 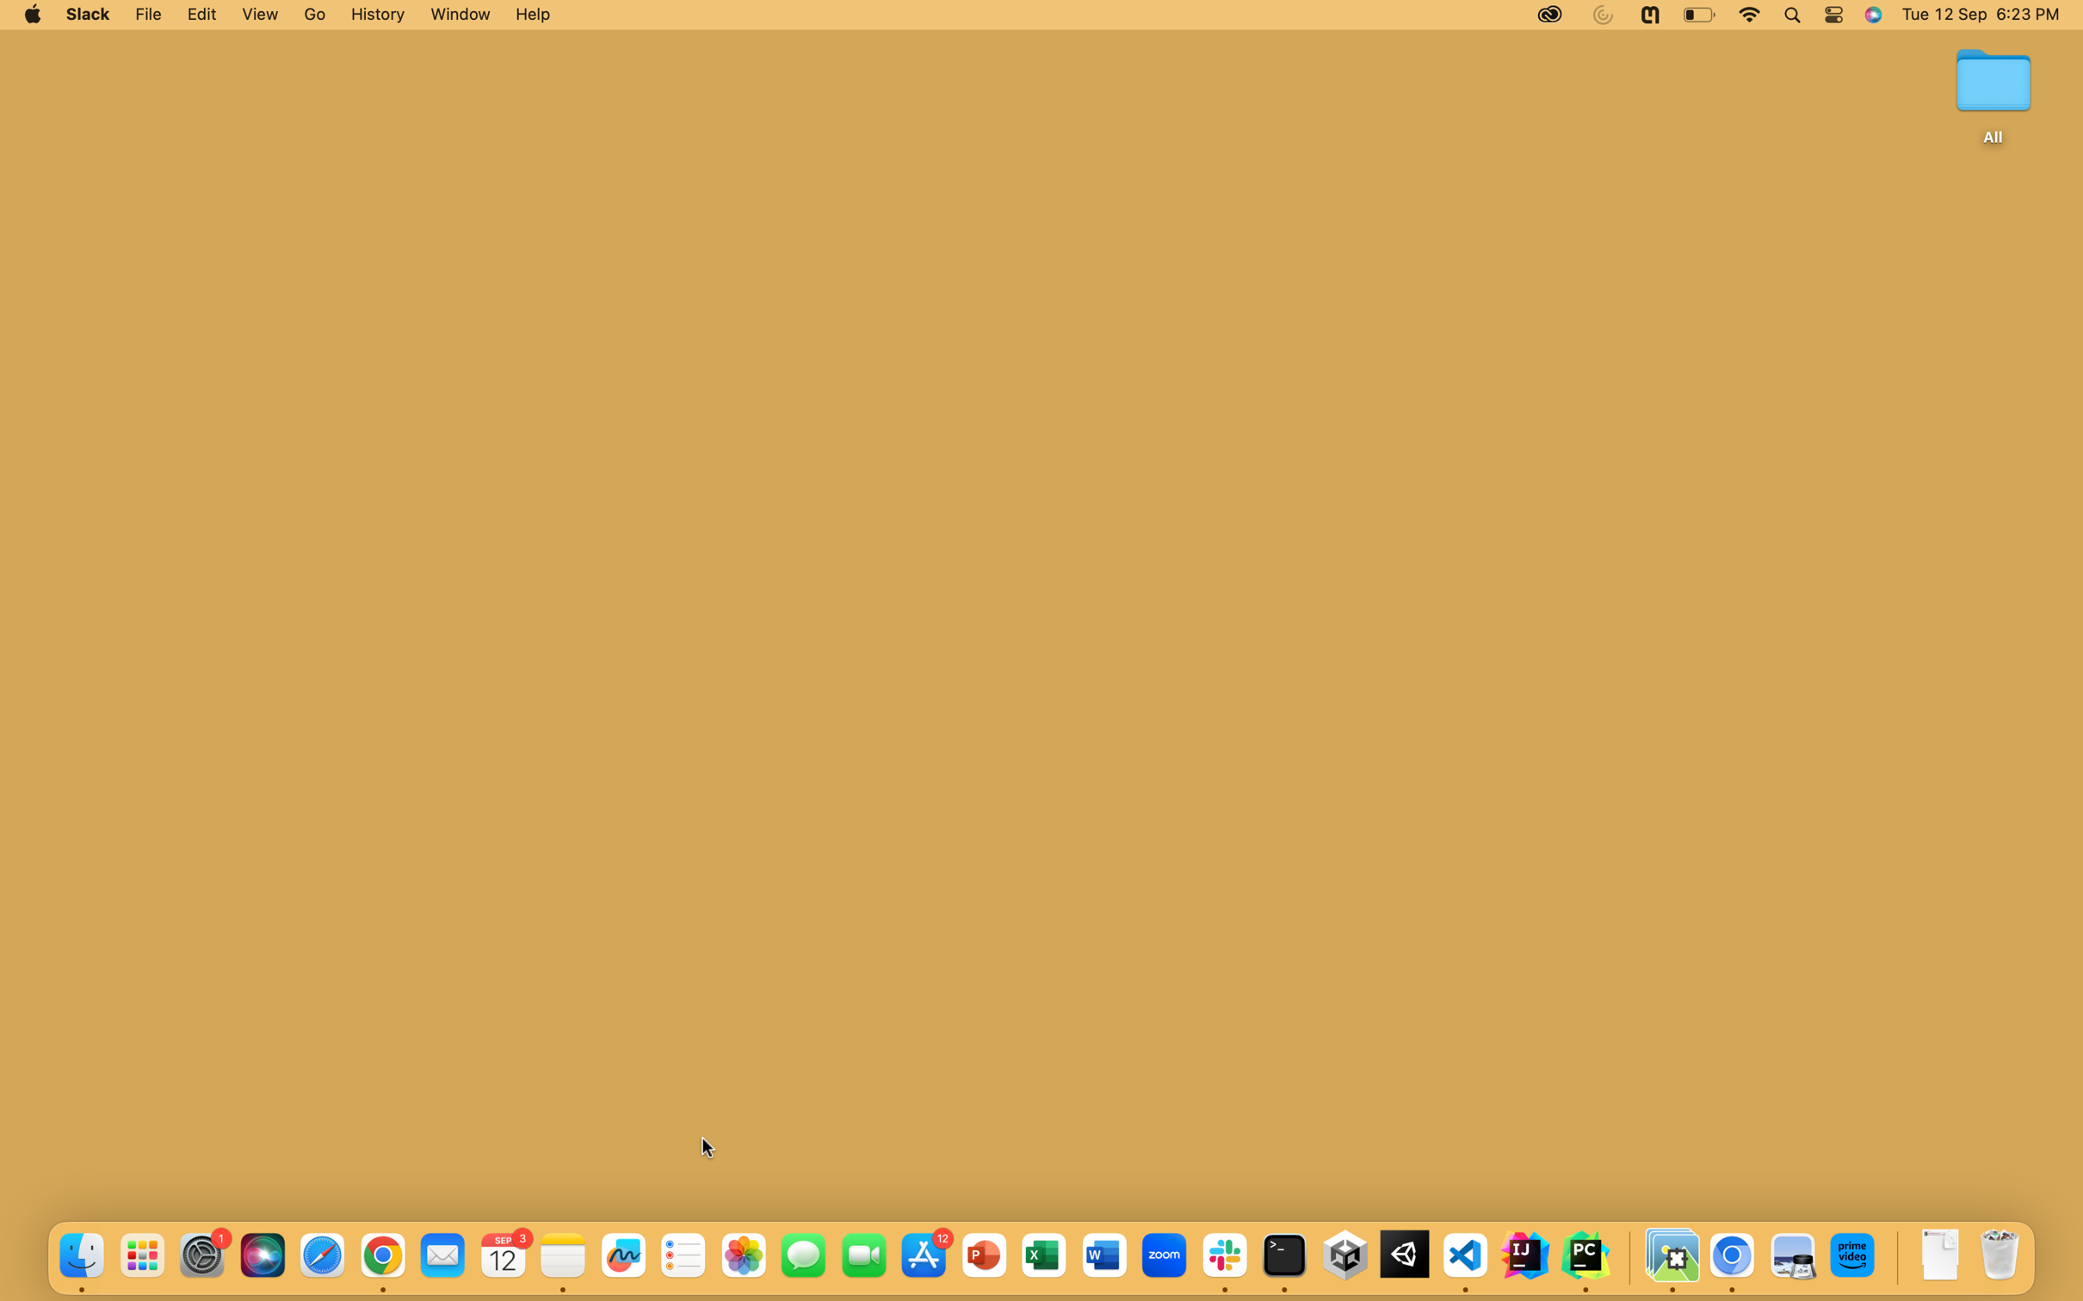 What do you see at coordinates (6702052, 209461) in the screenshot?
I see `Drag the specific folder and drop it into the recycle bin` at bounding box center [6702052, 209461].